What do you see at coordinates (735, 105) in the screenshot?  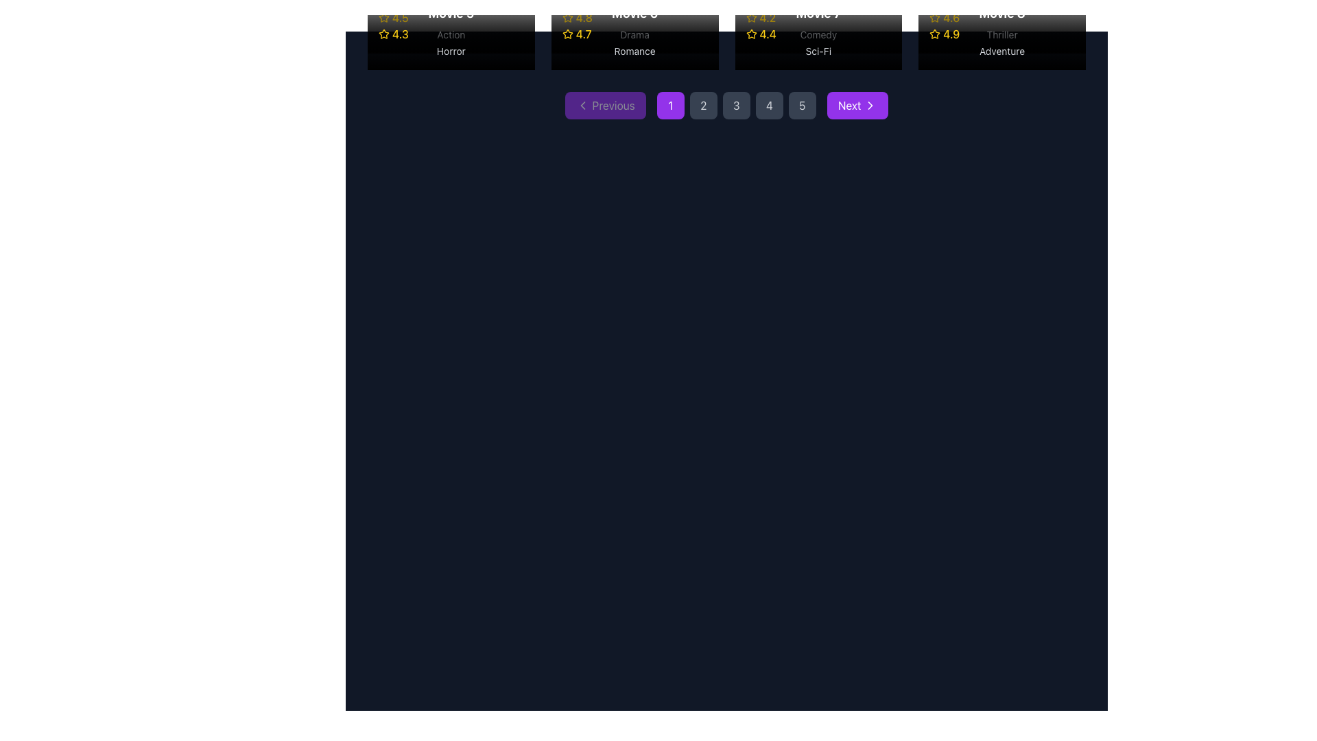 I see `the third button in the horizontal sequence` at bounding box center [735, 105].